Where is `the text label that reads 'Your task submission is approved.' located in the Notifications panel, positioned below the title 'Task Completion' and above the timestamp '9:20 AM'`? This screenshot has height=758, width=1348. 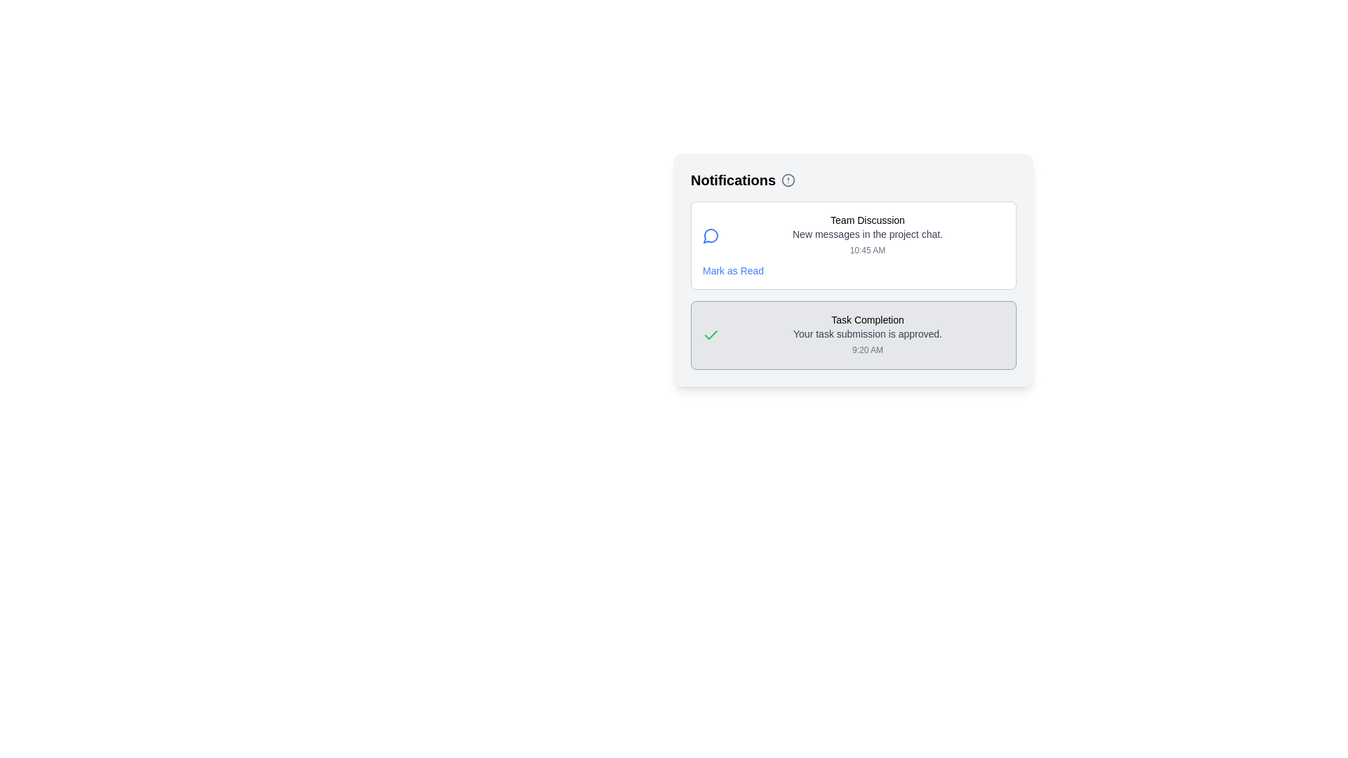 the text label that reads 'Your task submission is approved.' located in the Notifications panel, positioned below the title 'Task Completion' and above the timestamp '9:20 AM' is located at coordinates (867, 333).